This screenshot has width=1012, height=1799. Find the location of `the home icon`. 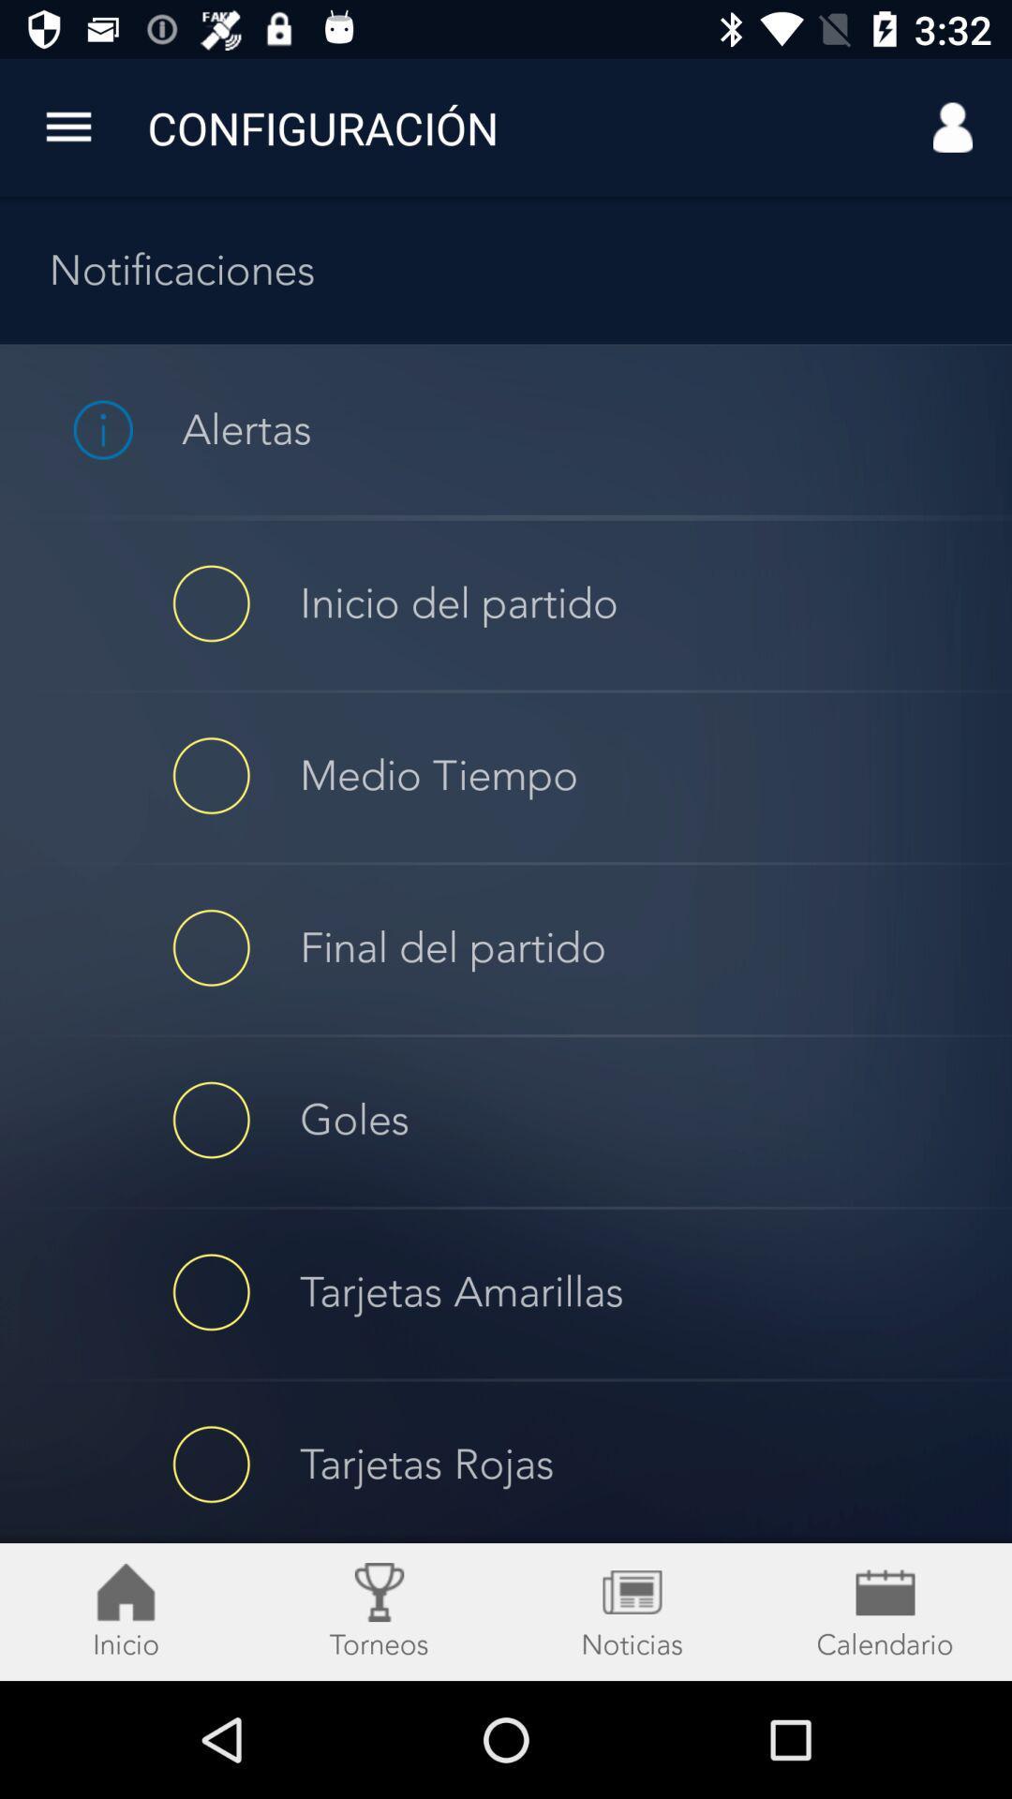

the home icon is located at coordinates (126, 1611).